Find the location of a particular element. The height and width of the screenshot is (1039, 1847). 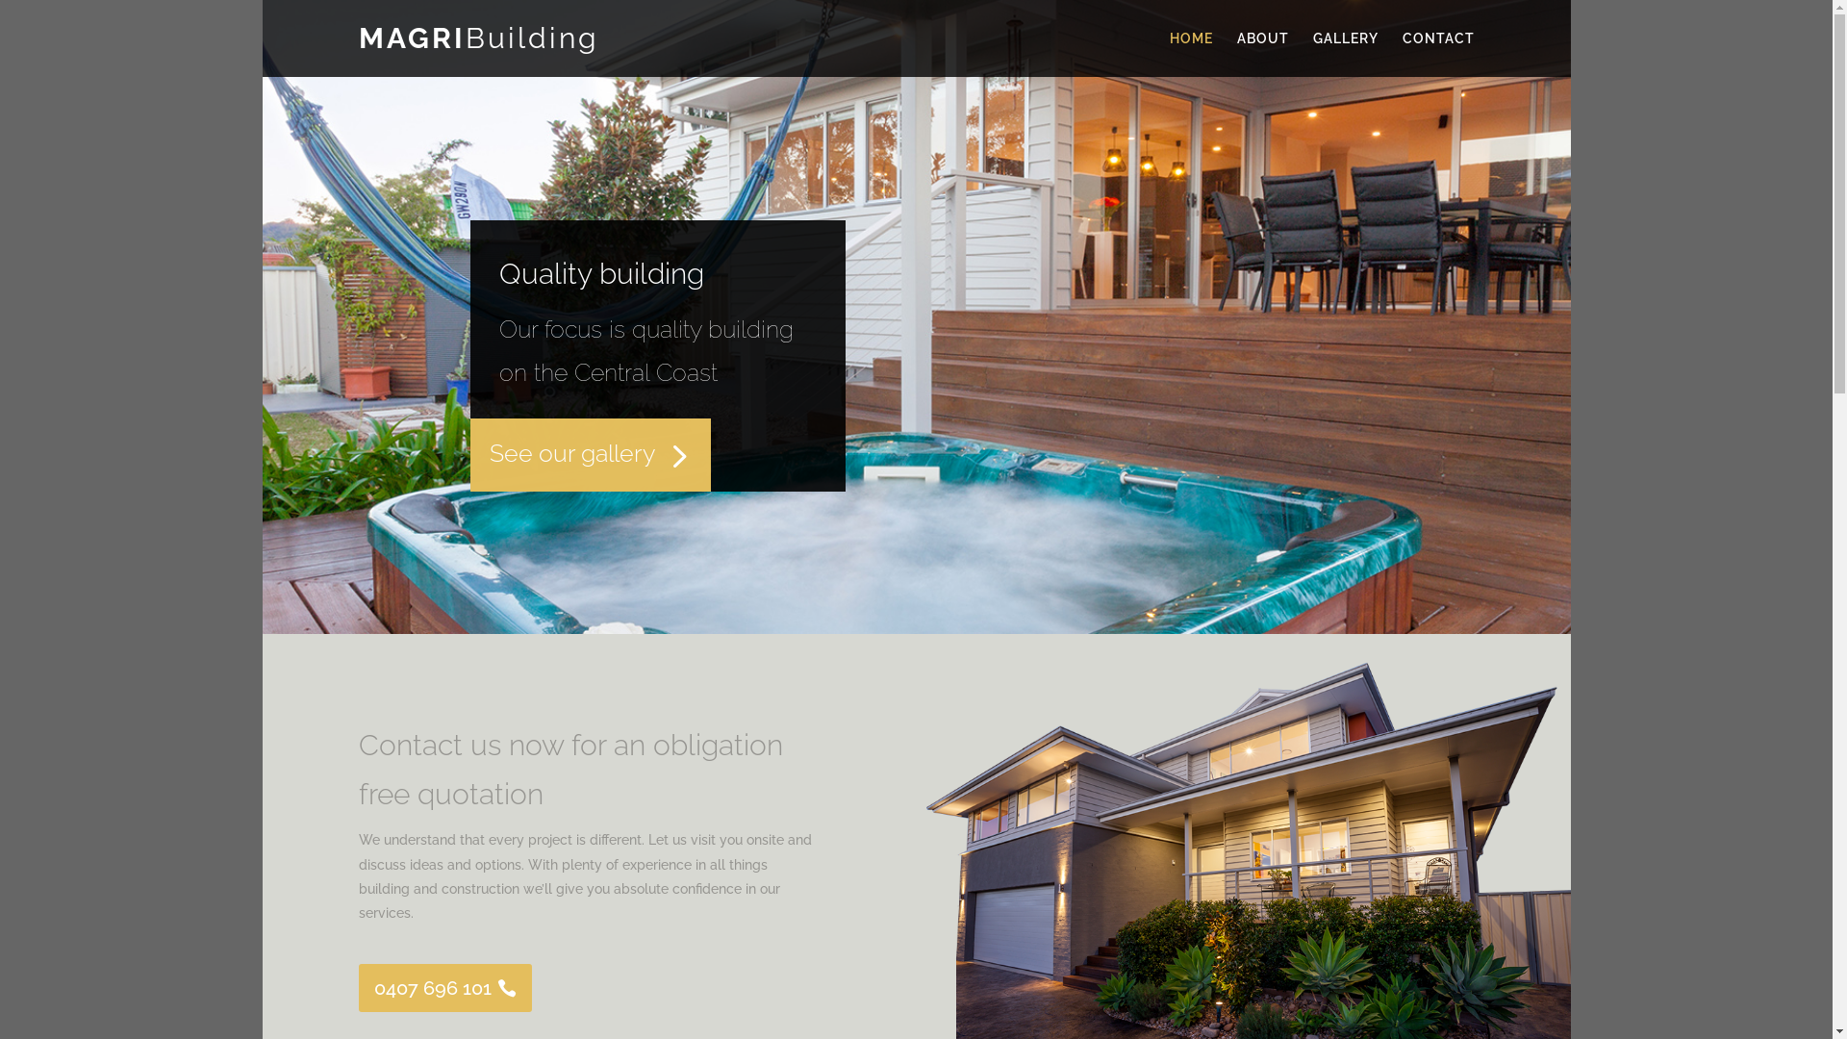

'See our gallery' is located at coordinates (570, 452).